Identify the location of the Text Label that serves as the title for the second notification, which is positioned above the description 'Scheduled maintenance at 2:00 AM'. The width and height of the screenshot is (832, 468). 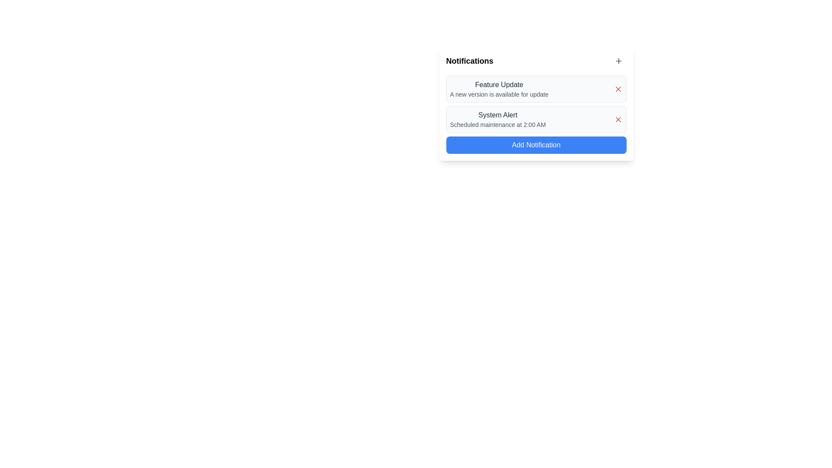
(497, 115).